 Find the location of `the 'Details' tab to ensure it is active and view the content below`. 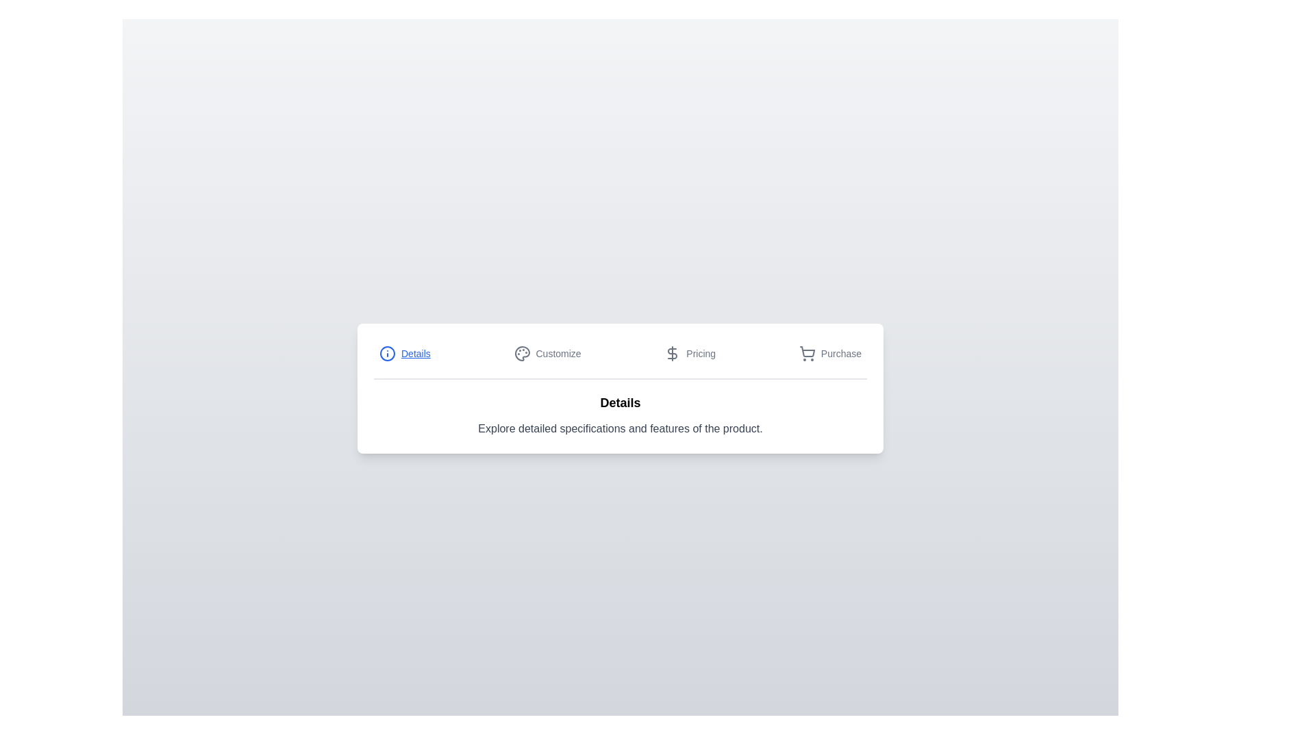

the 'Details' tab to ensure it is active and view the content below is located at coordinates (404, 352).